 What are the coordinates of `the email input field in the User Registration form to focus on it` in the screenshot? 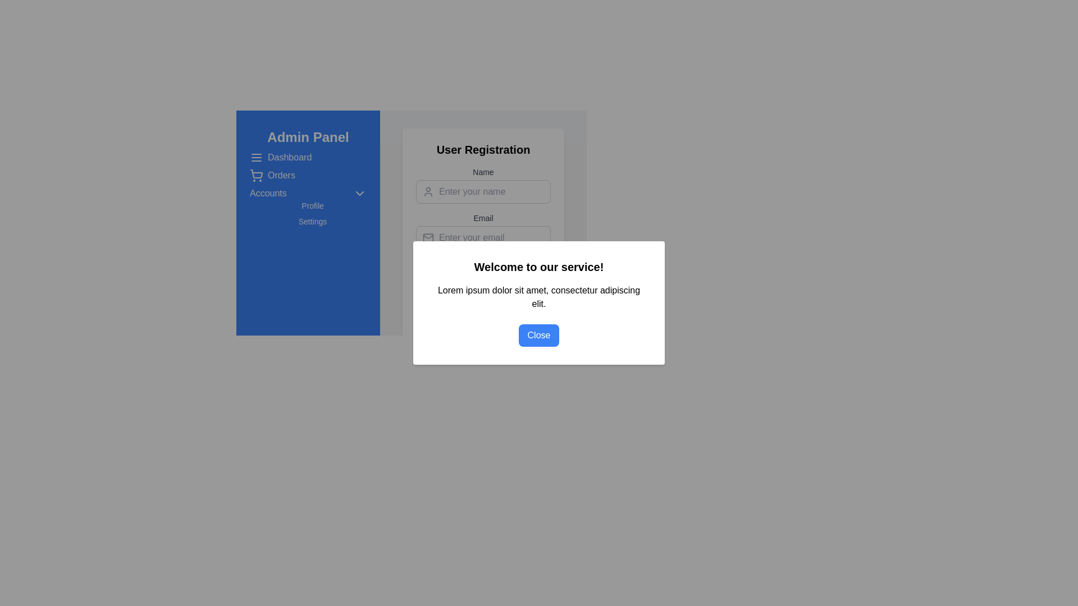 It's located at (483, 237).